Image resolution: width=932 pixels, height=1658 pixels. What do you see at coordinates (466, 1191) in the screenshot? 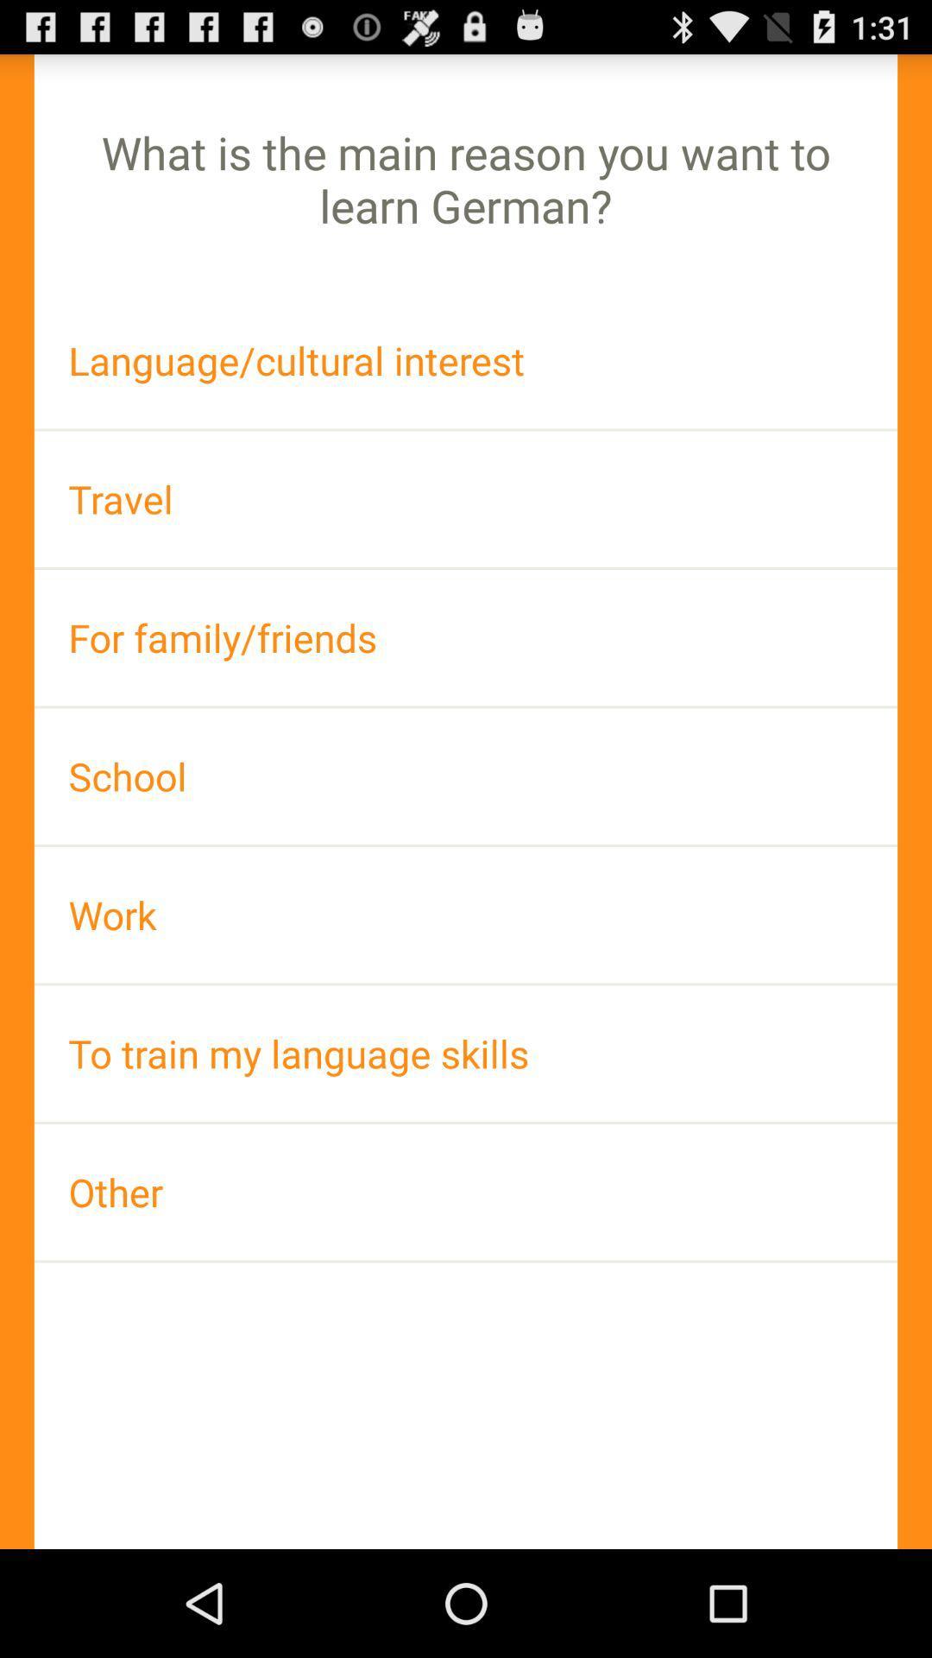
I see `other icon` at bounding box center [466, 1191].